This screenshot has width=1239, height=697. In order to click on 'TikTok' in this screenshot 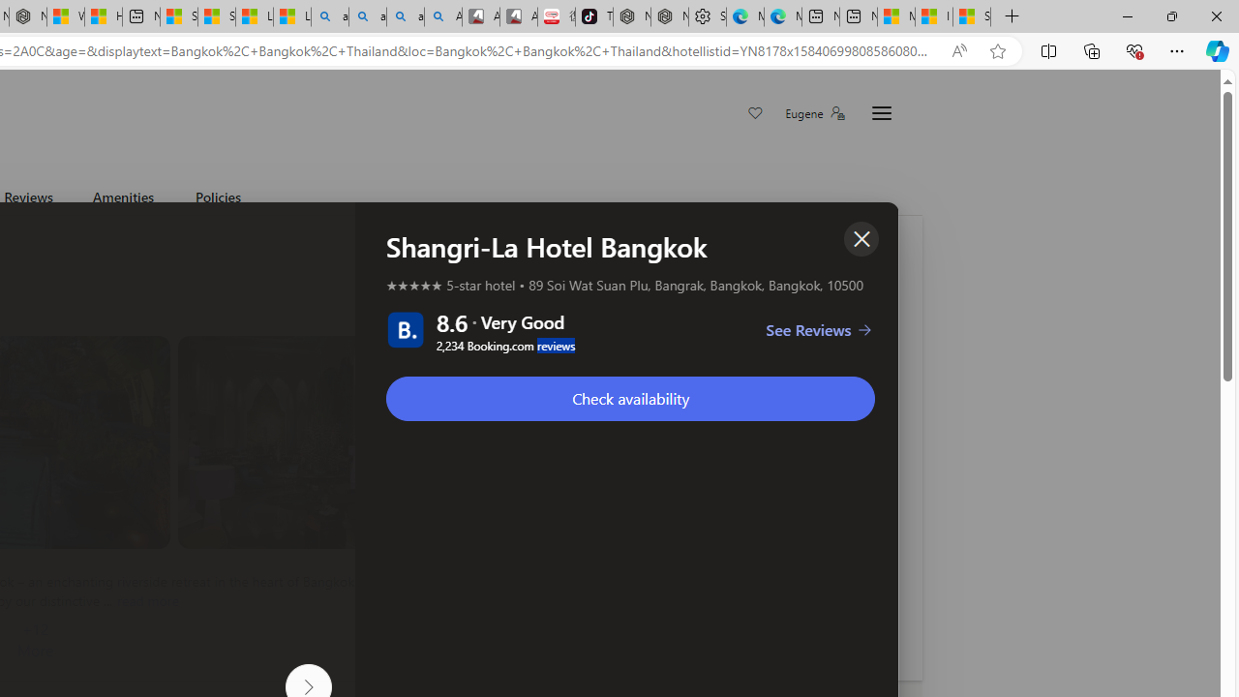, I will do `click(593, 16)`.